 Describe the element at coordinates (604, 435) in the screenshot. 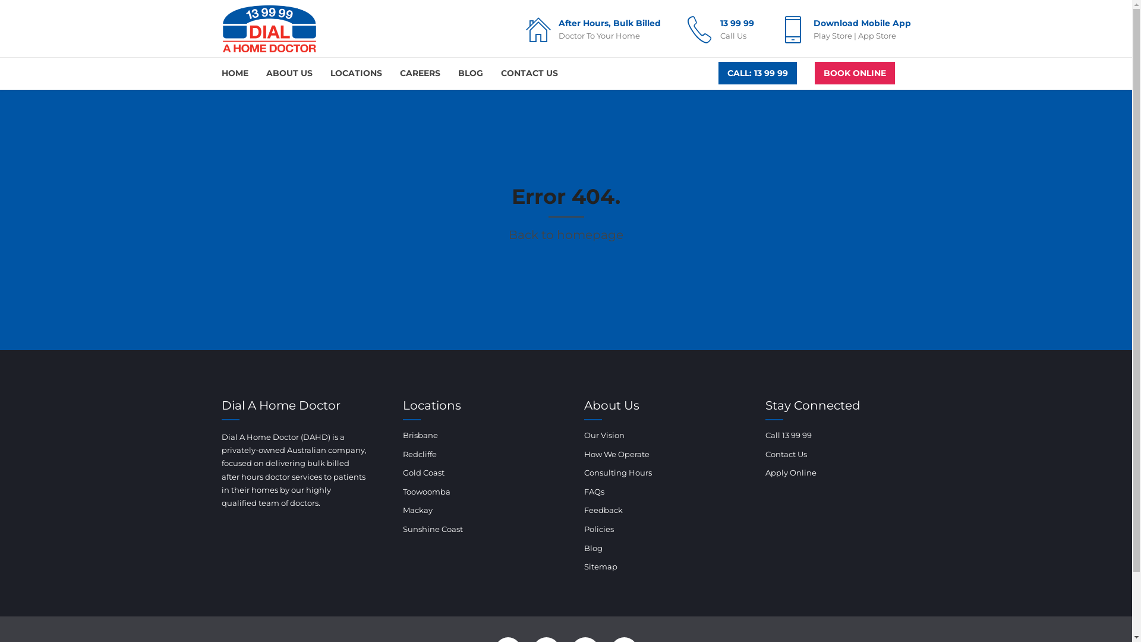

I see `'Our Vision'` at that location.